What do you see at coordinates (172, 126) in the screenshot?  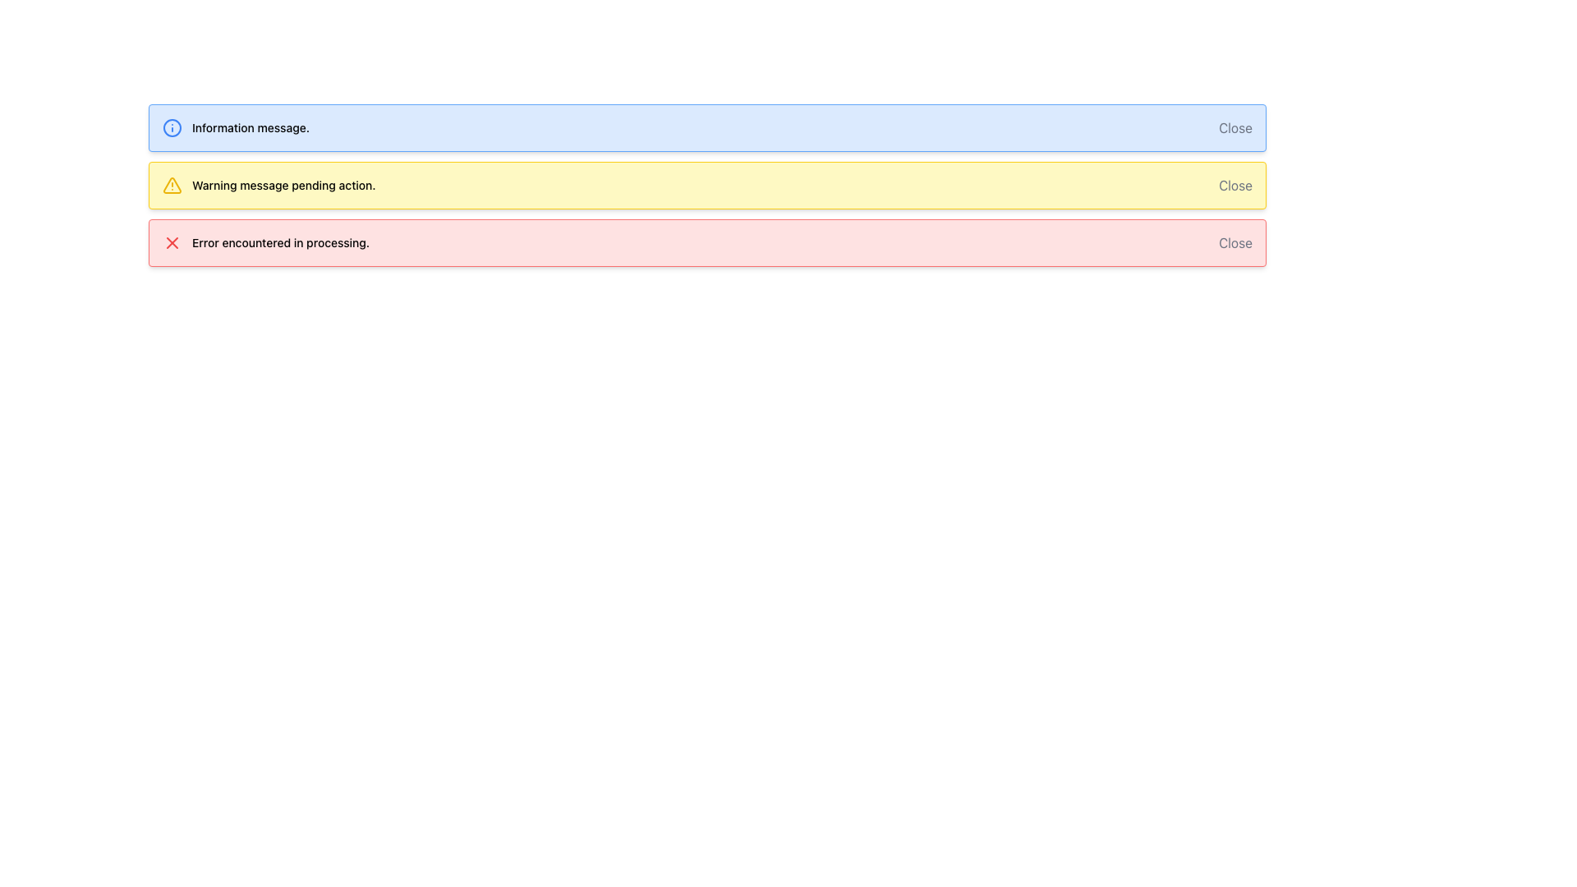 I see `the informational icon located inside the light blue notification box, which is positioned to the left of the text 'Information message'` at bounding box center [172, 126].